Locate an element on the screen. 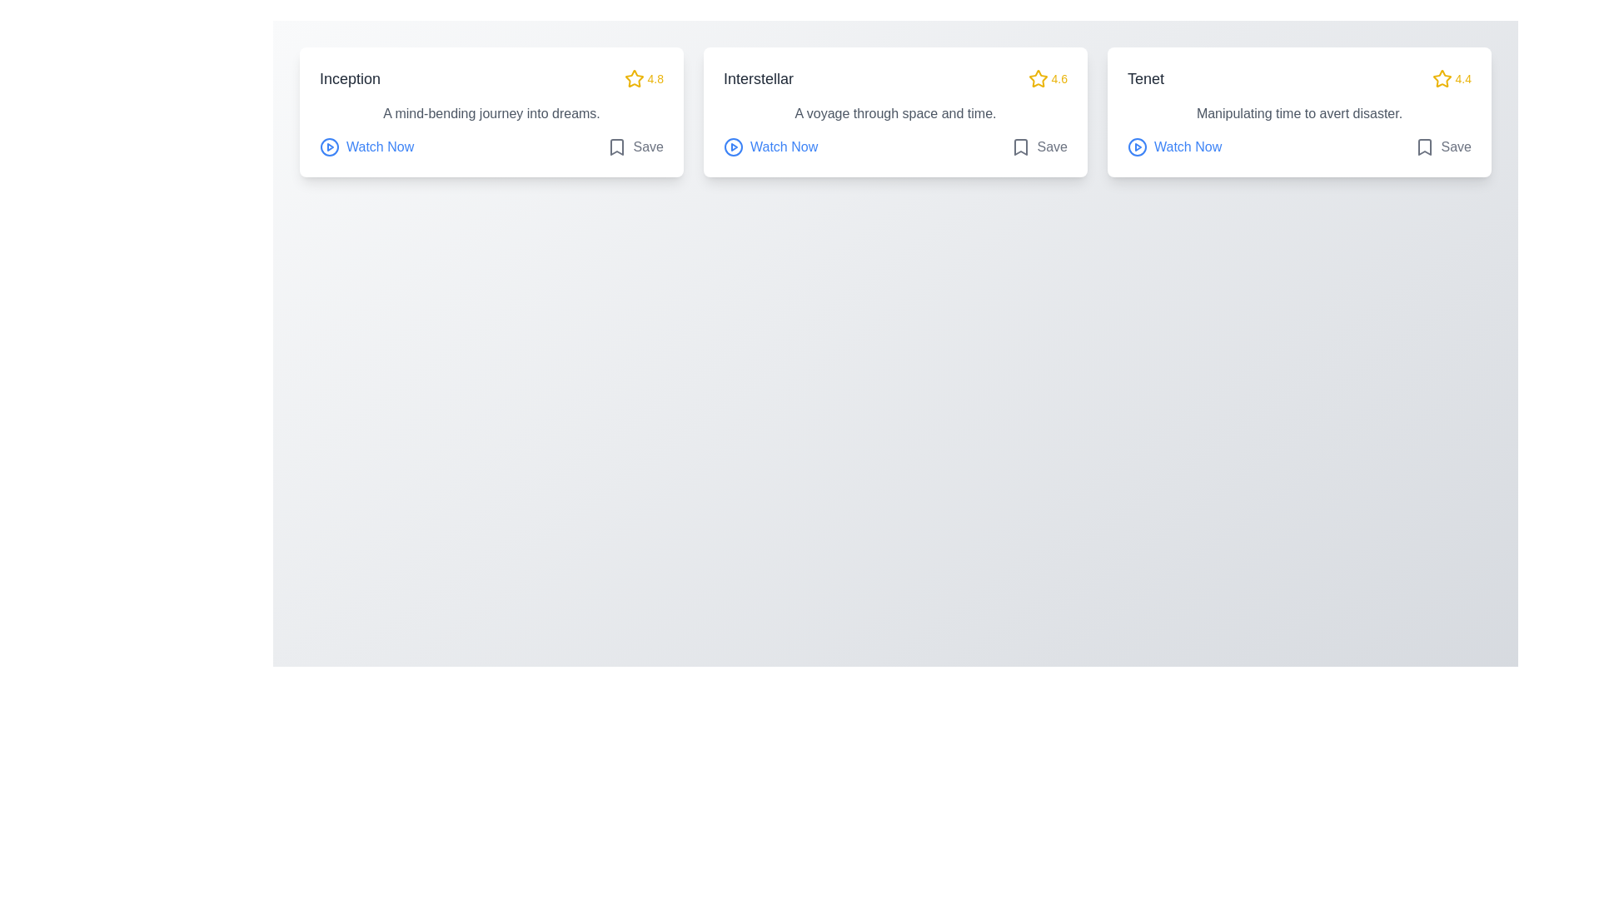  the star icon in the top-right corner of the 'Interstellar' card is located at coordinates (1037, 78).